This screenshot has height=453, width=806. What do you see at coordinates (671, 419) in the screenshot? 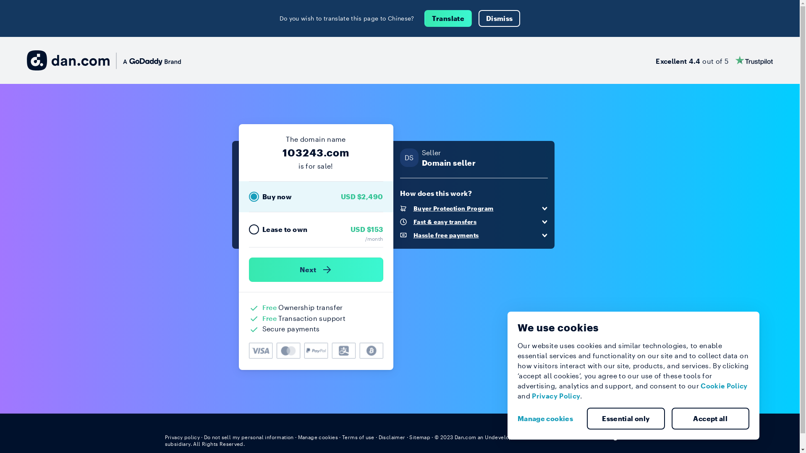
I see `'Accept all'` at bounding box center [671, 419].